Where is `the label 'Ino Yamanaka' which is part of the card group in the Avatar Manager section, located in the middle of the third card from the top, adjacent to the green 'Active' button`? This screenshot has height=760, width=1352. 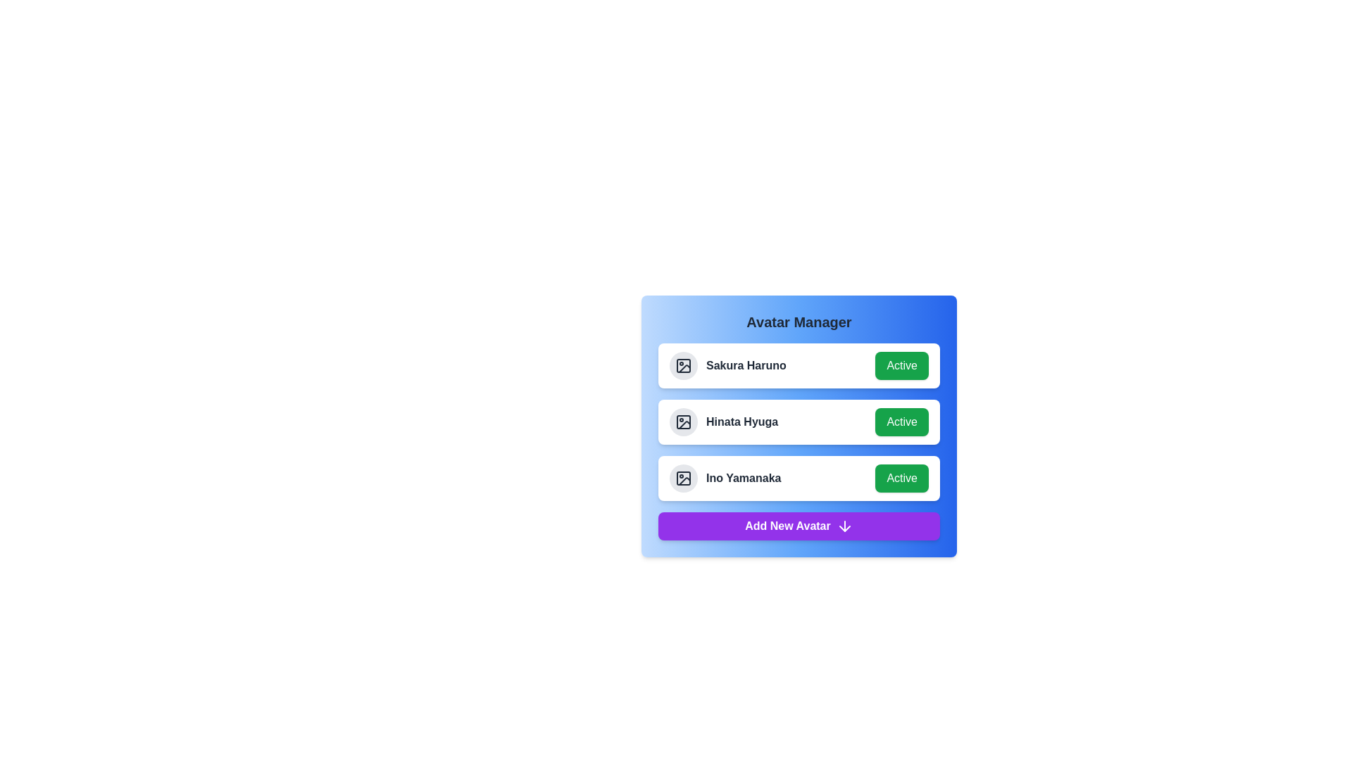
the label 'Ino Yamanaka' which is part of the card group in the Avatar Manager section, located in the middle of the third card from the top, adjacent to the green 'Active' button is located at coordinates (725, 477).